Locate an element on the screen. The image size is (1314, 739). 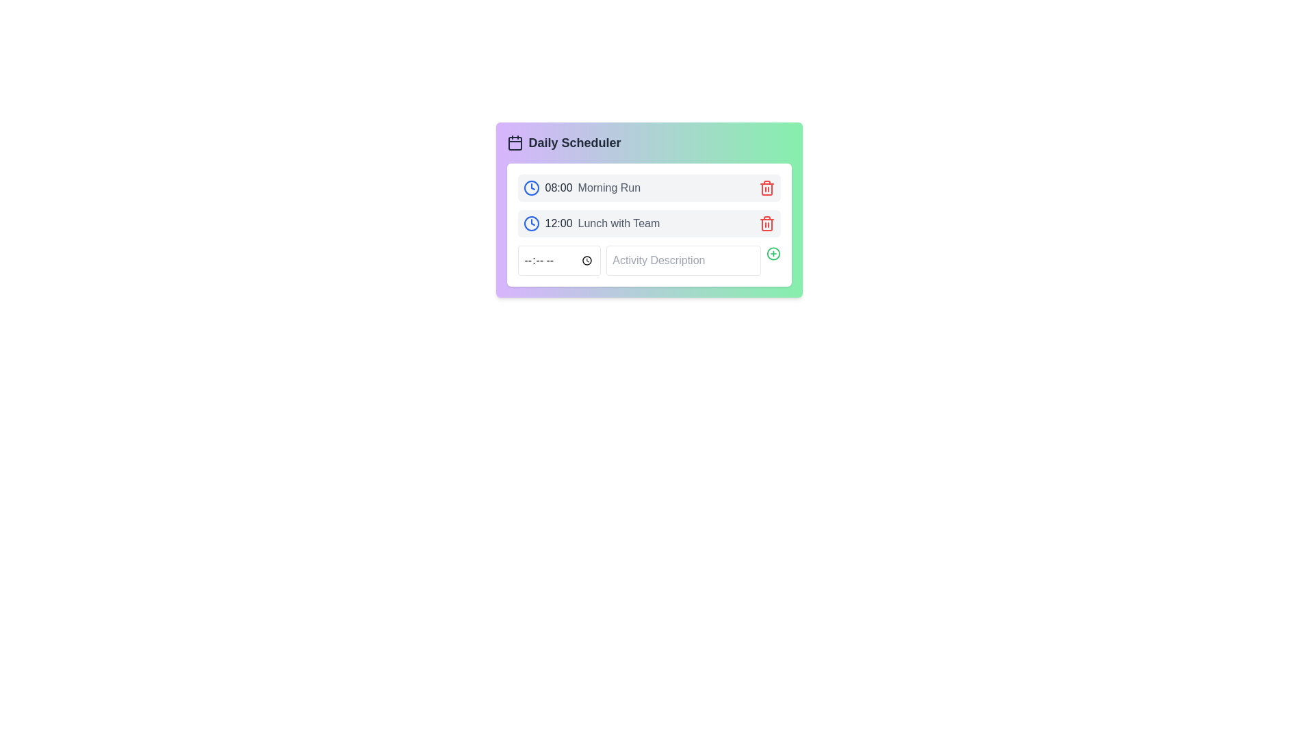
the text label that reads 'Morning Run', which is styled with a gray font color and situated between the time label '08:00' and a delete icon in the activity row is located at coordinates (608, 187).